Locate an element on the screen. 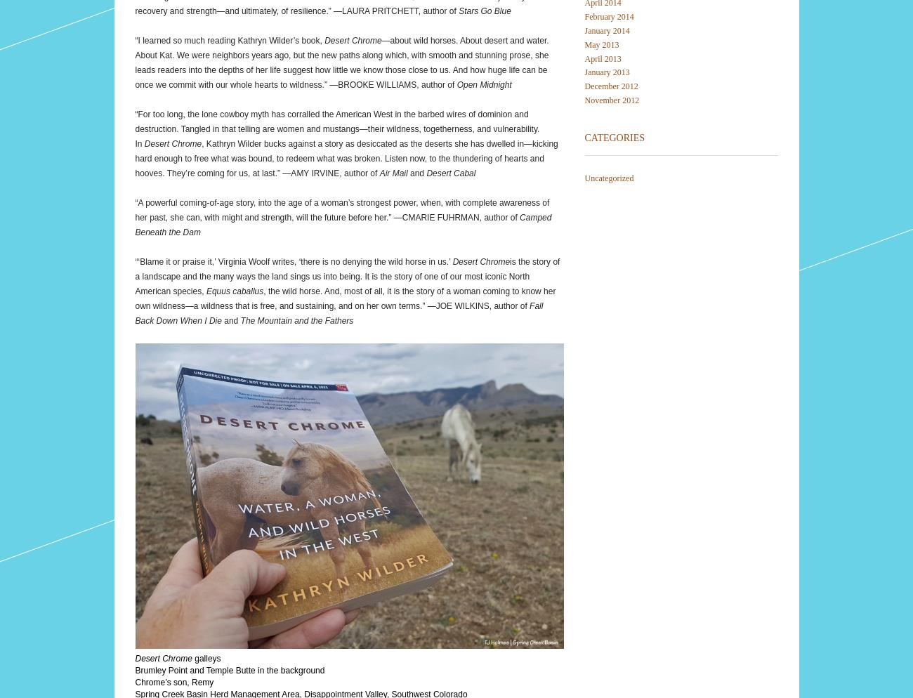 The image size is (913, 698). 'February 2014' is located at coordinates (608, 16).